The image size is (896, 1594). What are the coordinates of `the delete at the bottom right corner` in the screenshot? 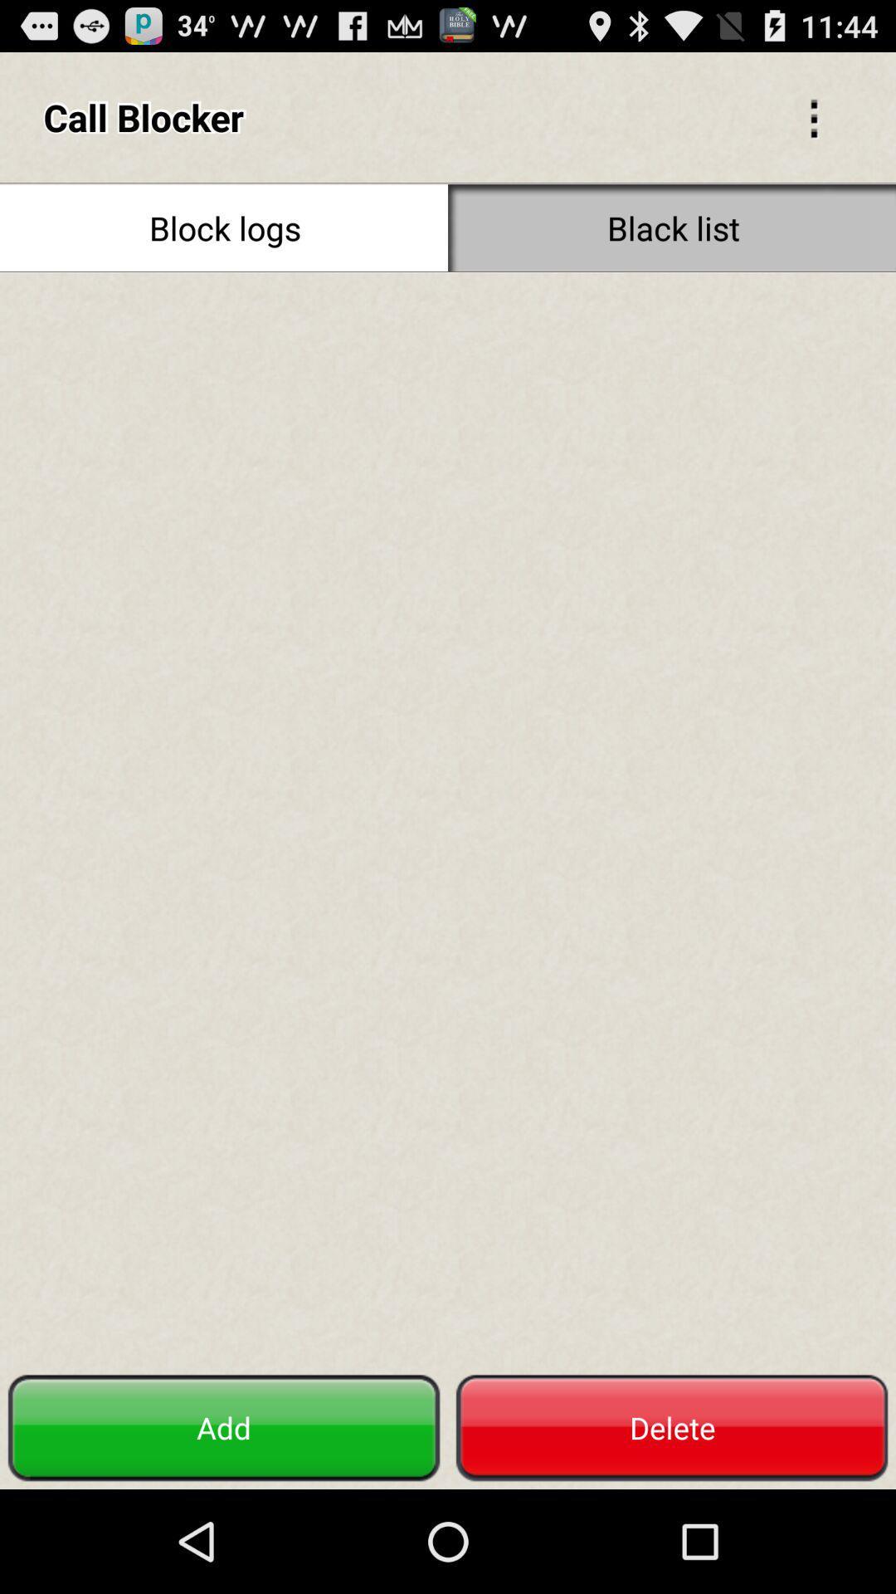 It's located at (672, 1427).